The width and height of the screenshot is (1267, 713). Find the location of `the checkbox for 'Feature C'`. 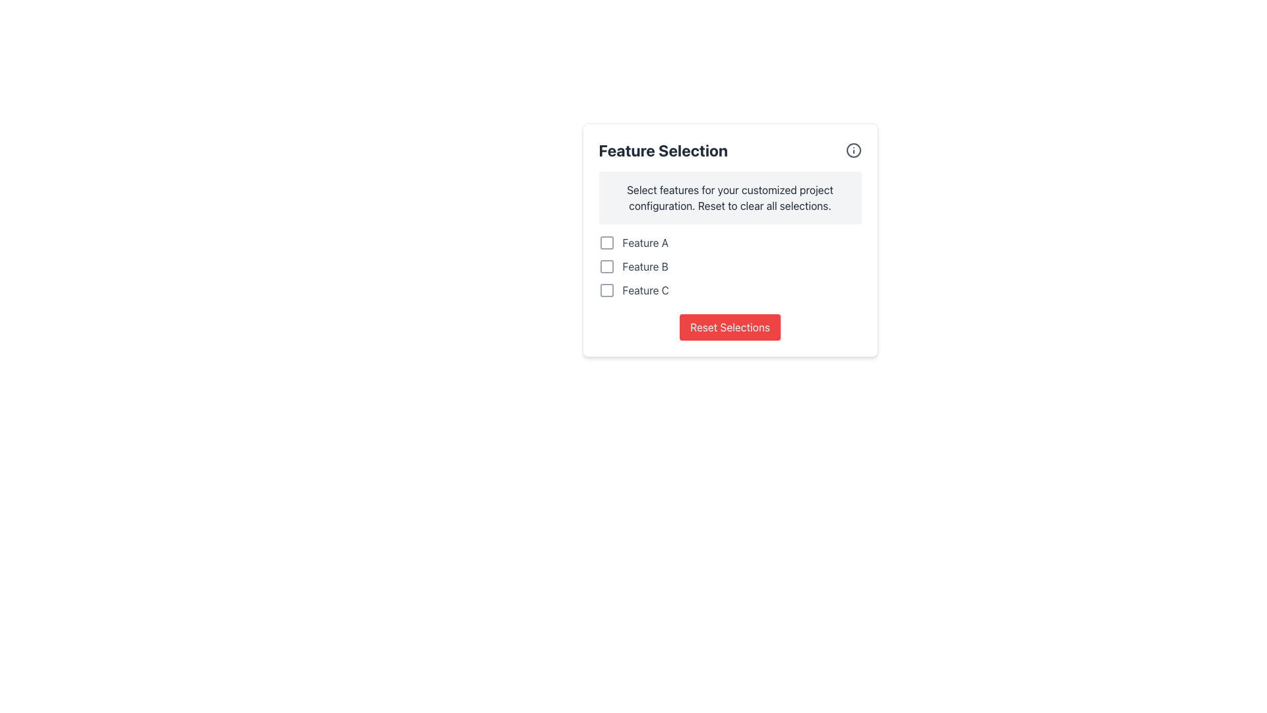

the checkbox for 'Feature C' is located at coordinates (606, 289).